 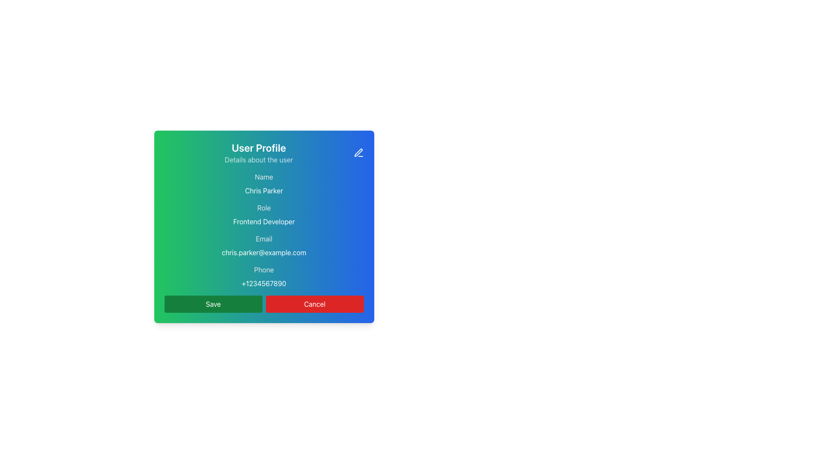 What do you see at coordinates (263, 152) in the screenshot?
I see `the Header Section titled 'User Profile', which includes a bold title and a gradient background transitioning from green to blue, located at the top of a rounded rectangular card layout` at bounding box center [263, 152].